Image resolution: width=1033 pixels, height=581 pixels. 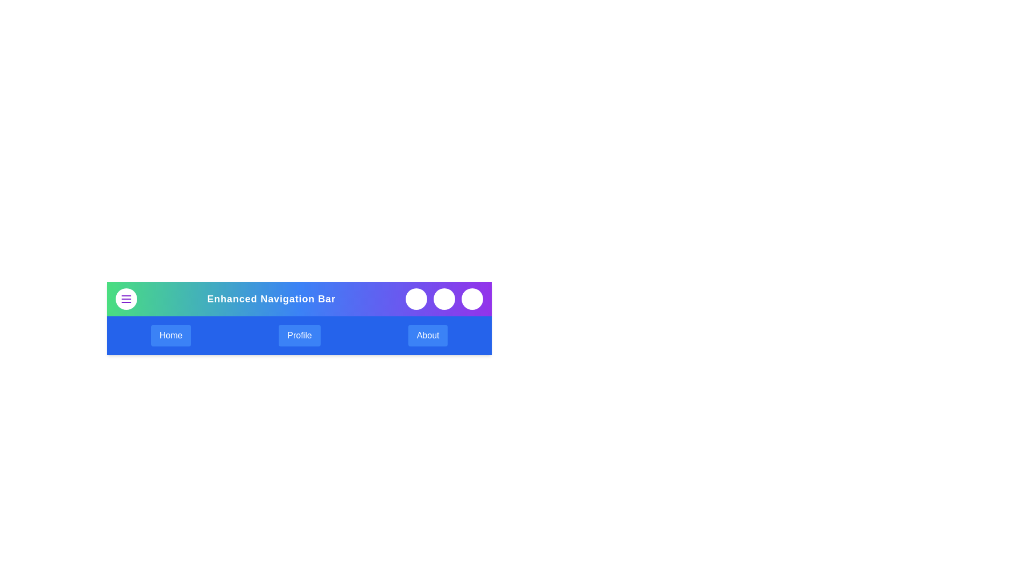 What do you see at coordinates (299, 335) in the screenshot?
I see `the button labeled Profile to observe its hover effect` at bounding box center [299, 335].